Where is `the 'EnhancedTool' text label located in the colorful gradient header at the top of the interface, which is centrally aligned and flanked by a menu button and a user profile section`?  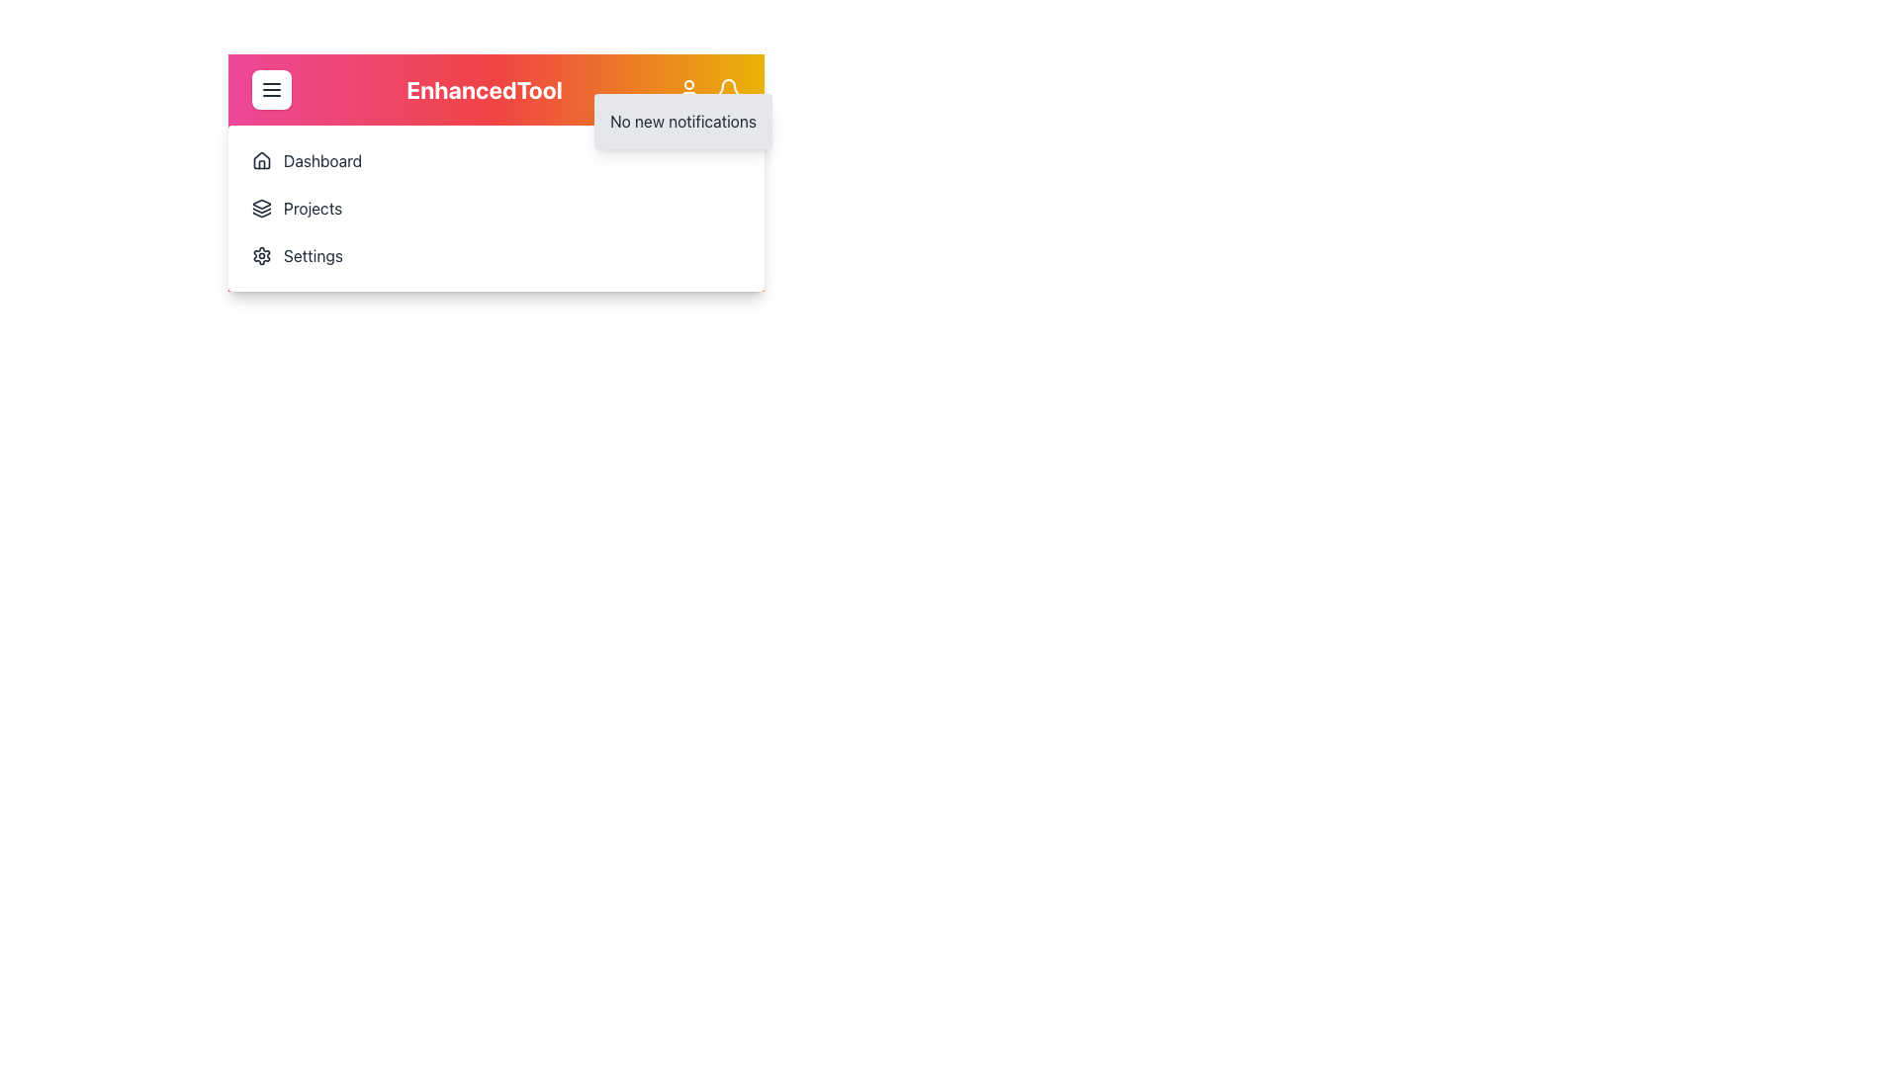
the 'EnhancedTool' text label located in the colorful gradient header at the top of the interface, which is centrally aligned and flanked by a menu button and a user profile section is located at coordinates (497, 90).